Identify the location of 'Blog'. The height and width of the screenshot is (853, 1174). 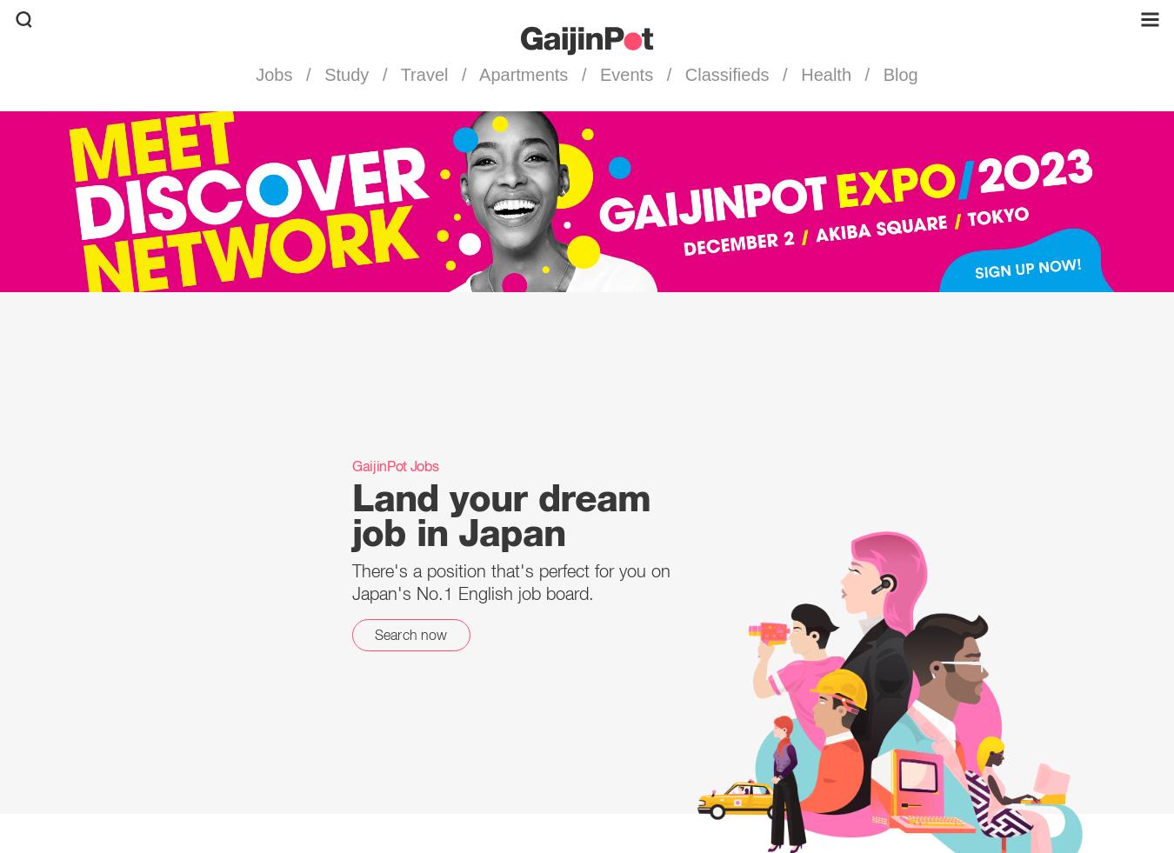
(897, 74).